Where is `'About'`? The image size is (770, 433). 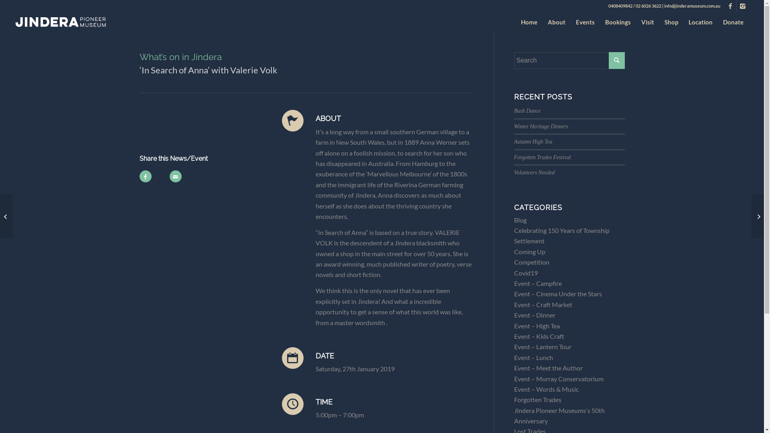
'About' is located at coordinates (556, 21).